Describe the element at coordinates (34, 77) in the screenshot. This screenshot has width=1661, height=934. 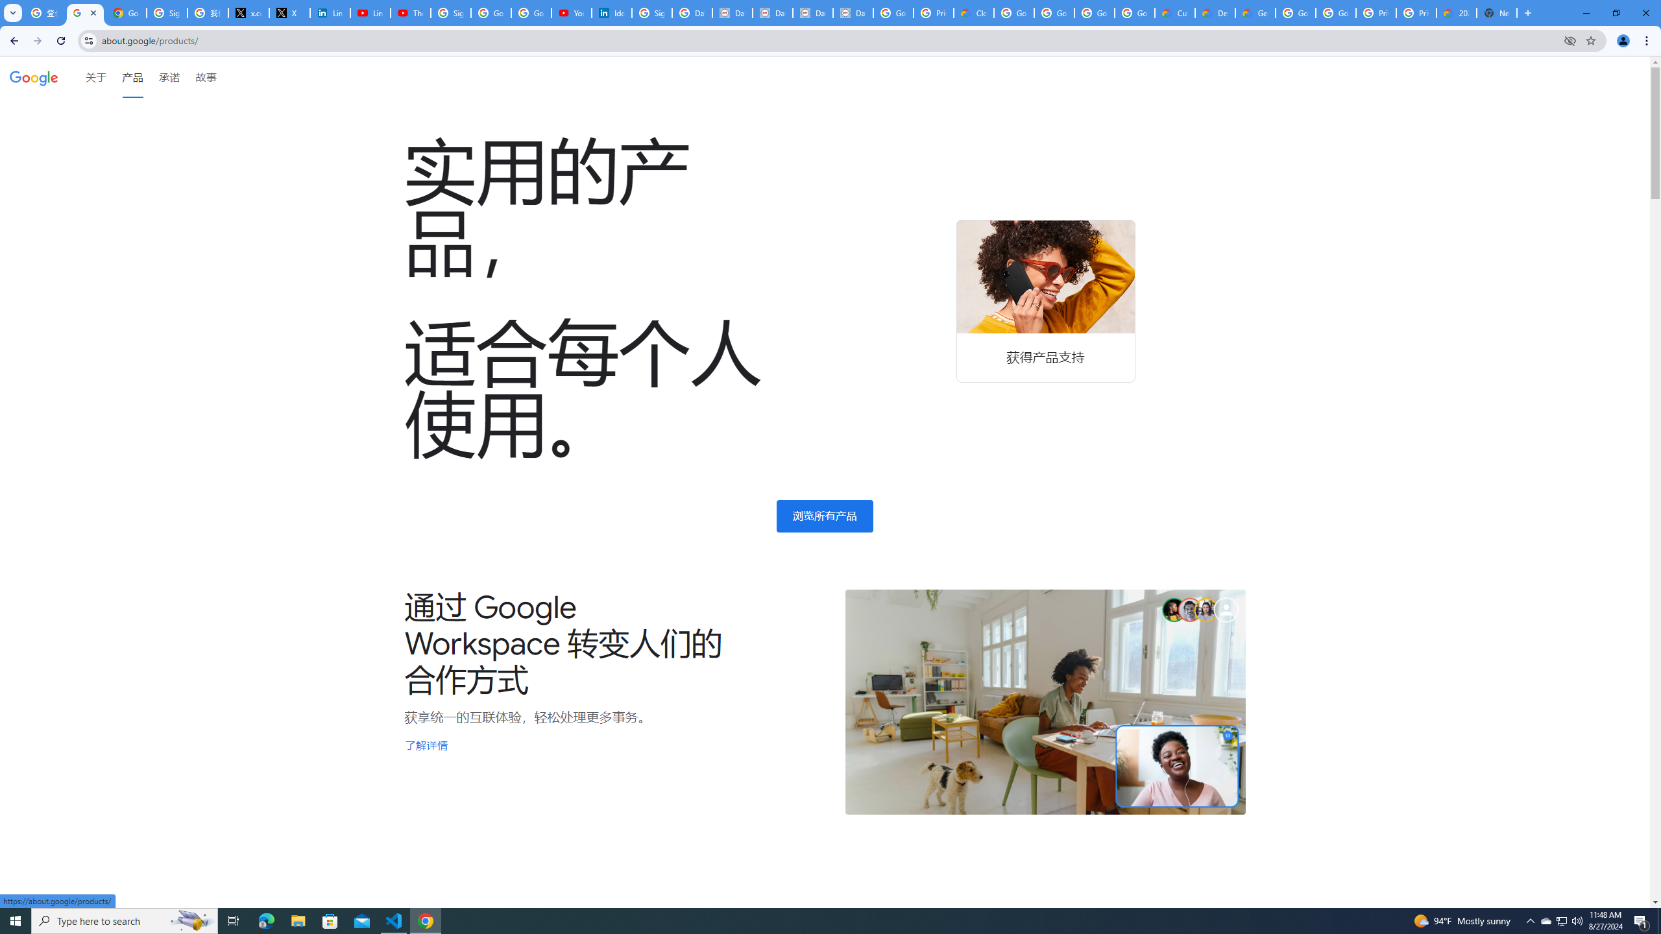
I see `'Google'` at that location.